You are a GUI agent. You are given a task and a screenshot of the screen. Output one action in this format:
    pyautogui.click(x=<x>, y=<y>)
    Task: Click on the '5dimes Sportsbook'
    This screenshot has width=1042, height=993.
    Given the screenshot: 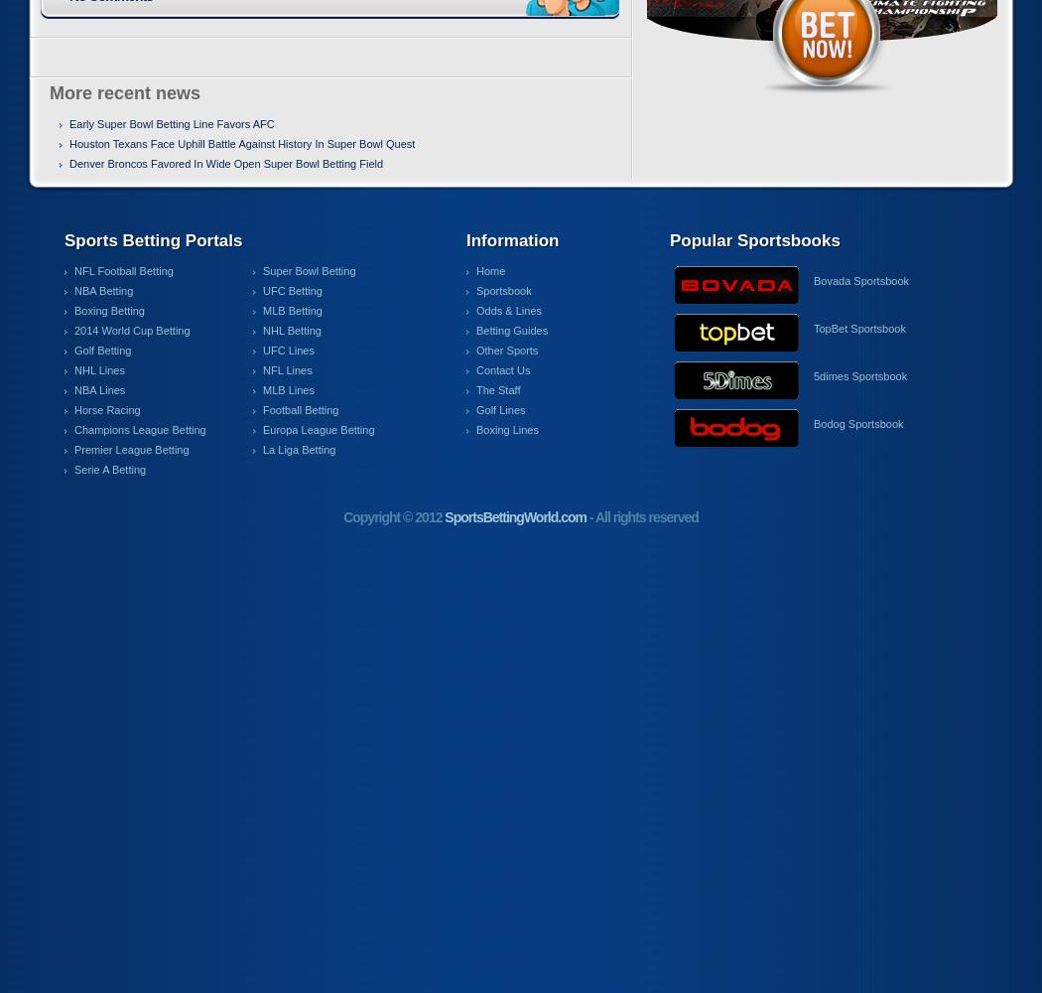 What is the action you would take?
    pyautogui.click(x=858, y=376)
    